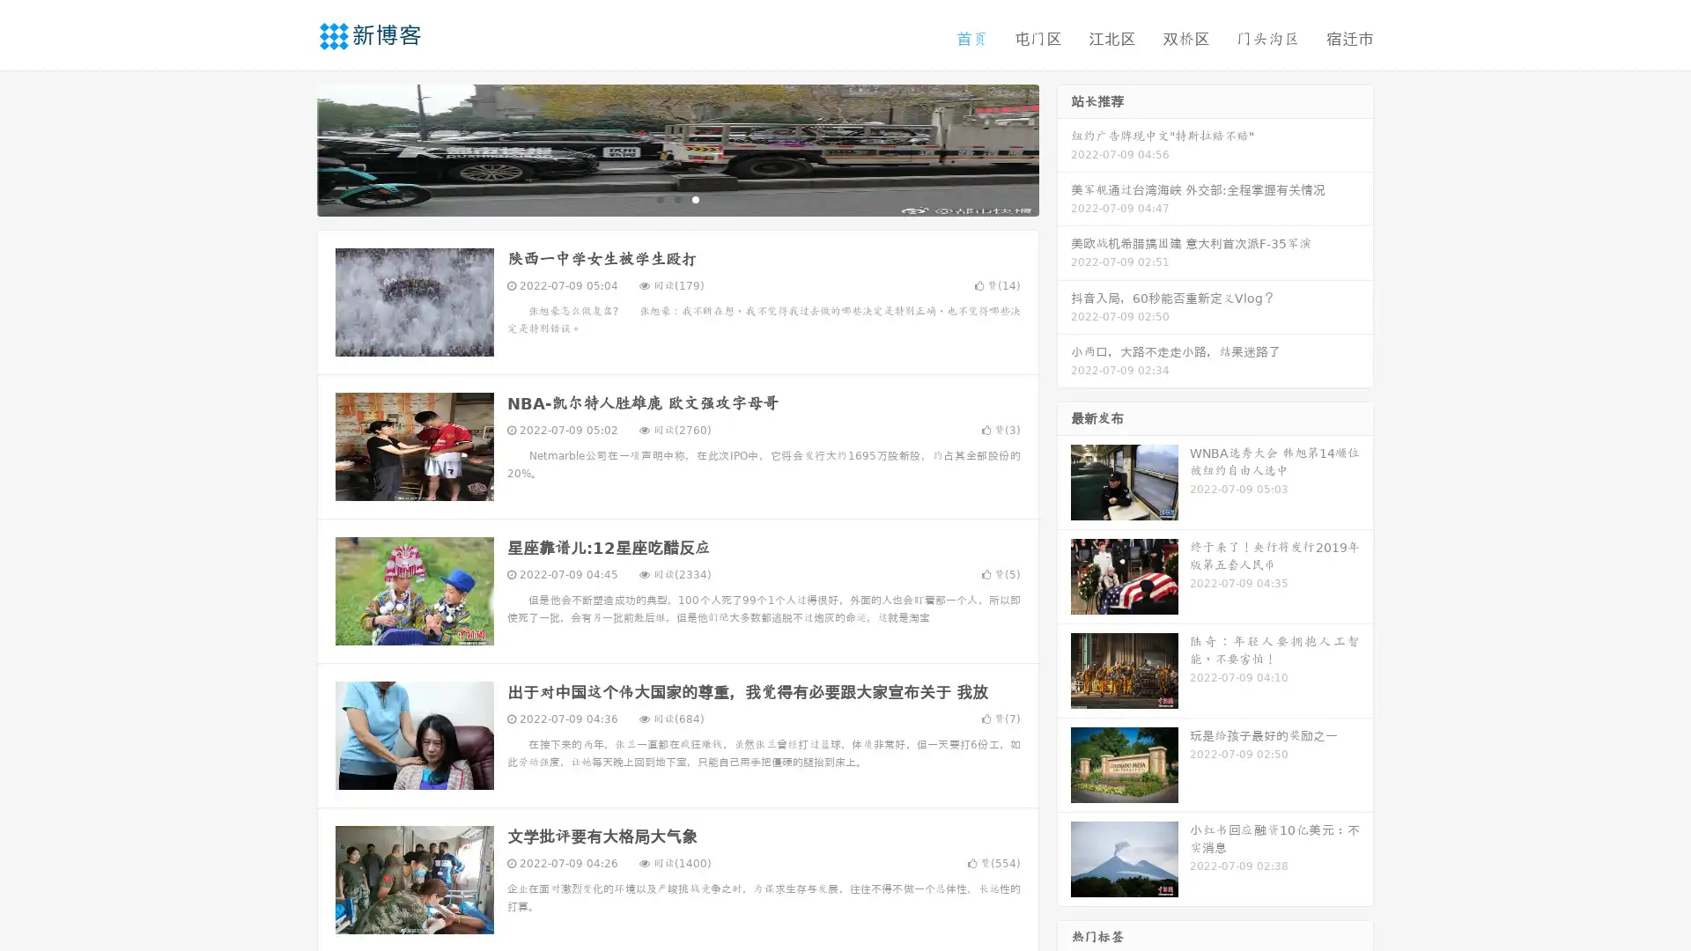 The image size is (1691, 951). Describe the element at coordinates (291, 148) in the screenshot. I see `Previous slide` at that location.